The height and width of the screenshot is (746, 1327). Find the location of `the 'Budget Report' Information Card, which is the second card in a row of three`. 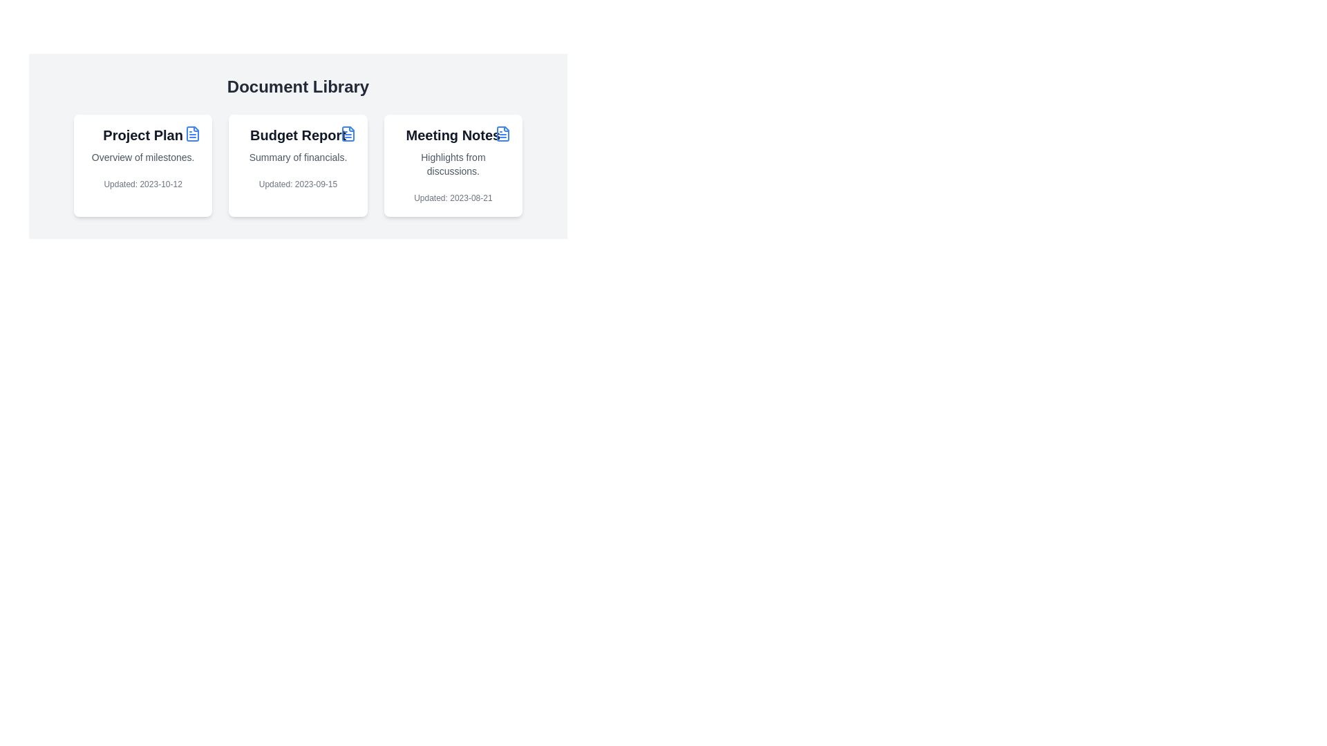

the 'Budget Report' Information Card, which is the second card in a row of three is located at coordinates (297, 164).